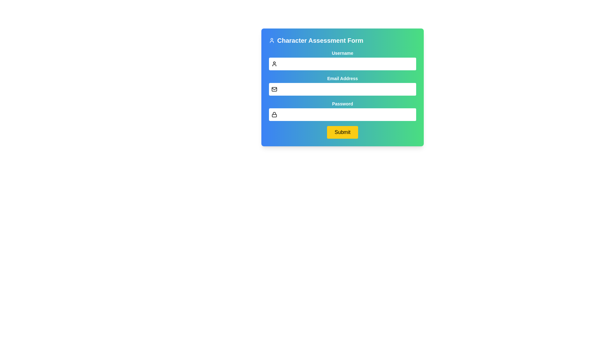 The height and width of the screenshot is (342, 609). I want to click on the email input field, which is the second input field in the form, positioned below the 'Username' field and above the 'Password' field, to focus on it, so click(346, 89).